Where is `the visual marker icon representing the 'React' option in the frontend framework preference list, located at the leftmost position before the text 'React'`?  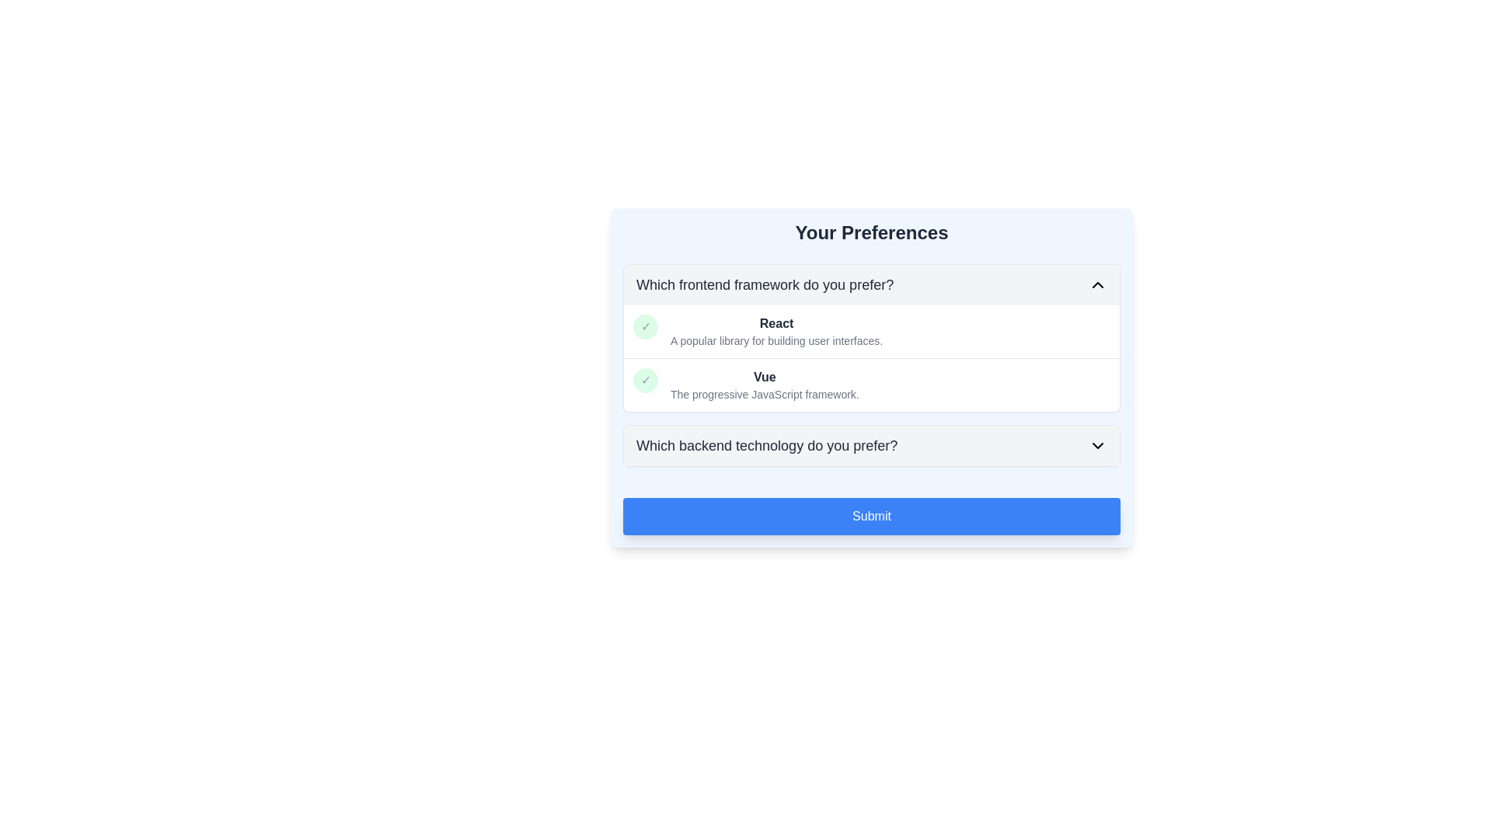 the visual marker icon representing the 'React' option in the frontend framework preference list, located at the leftmost position before the text 'React' is located at coordinates (645, 326).